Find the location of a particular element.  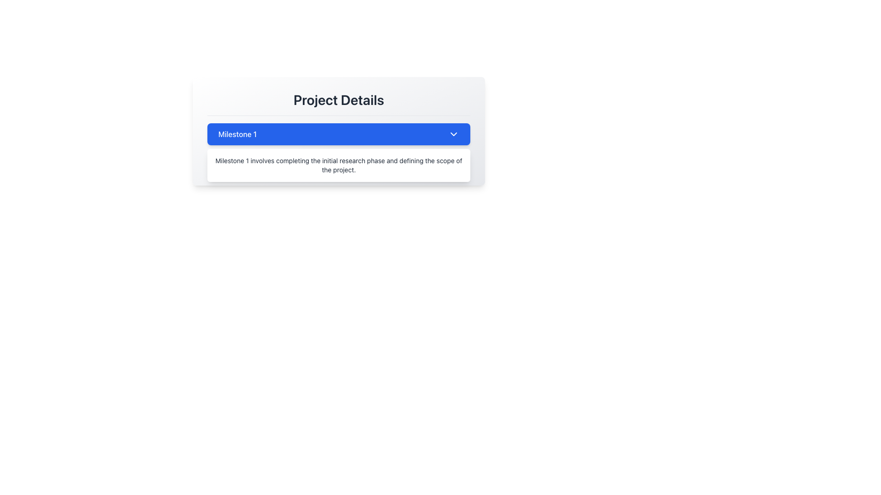

the Collapsible Section Header titled 'Milestone 1' is located at coordinates (338, 143).